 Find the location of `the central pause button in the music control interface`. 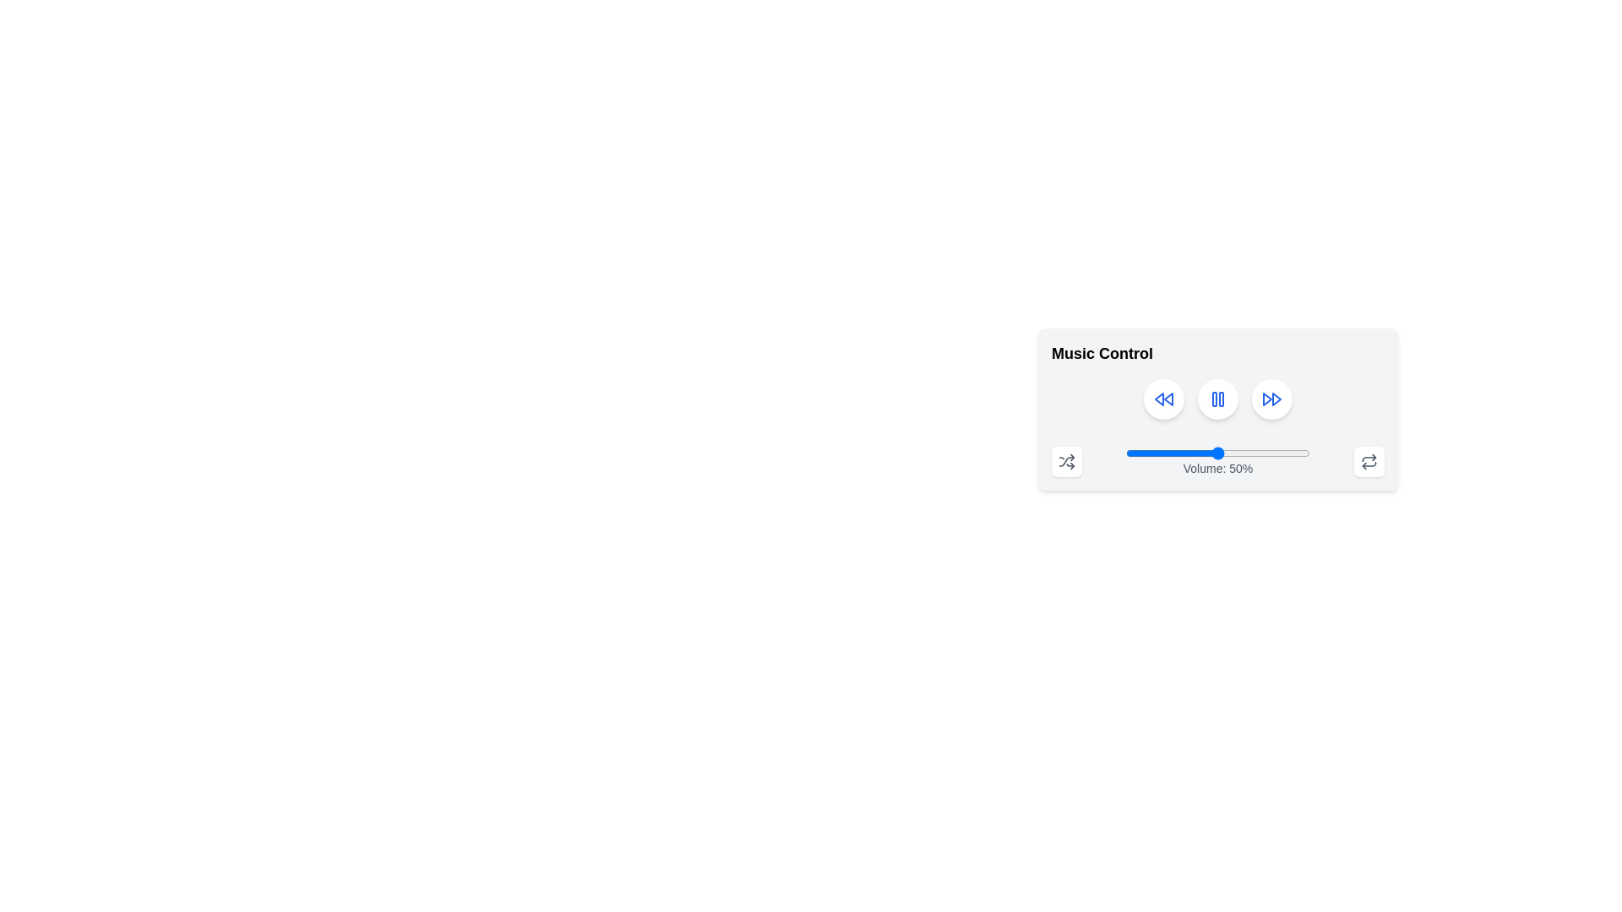

the central pause button in the music control interface is located at coordinates (1217, 399).